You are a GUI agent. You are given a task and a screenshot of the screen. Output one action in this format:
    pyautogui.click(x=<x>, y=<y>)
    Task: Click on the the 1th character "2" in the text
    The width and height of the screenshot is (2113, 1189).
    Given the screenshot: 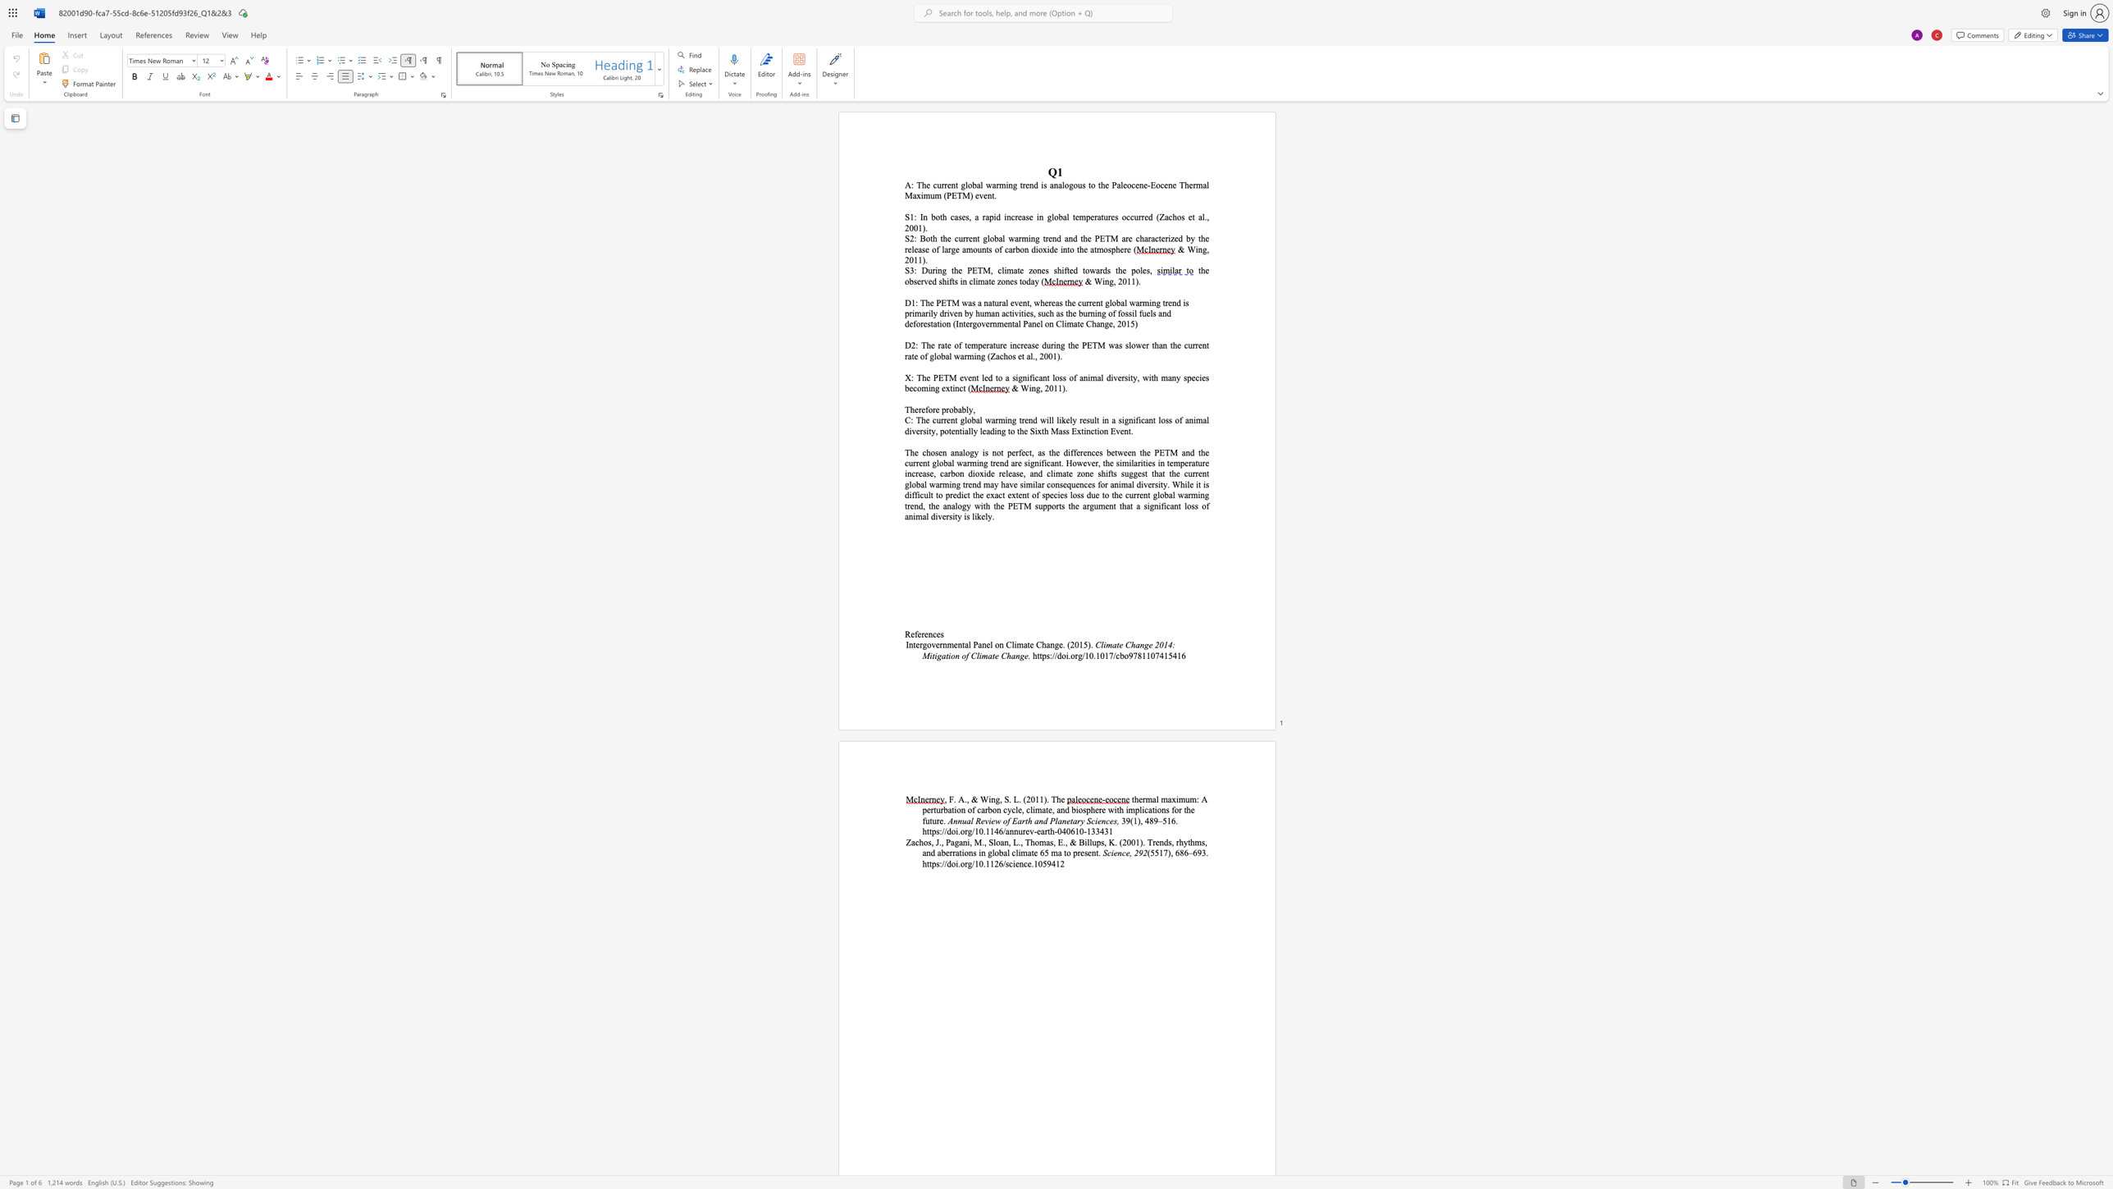 What is the action you would take?
    pyautogui.click(x=1046, y=387)
    